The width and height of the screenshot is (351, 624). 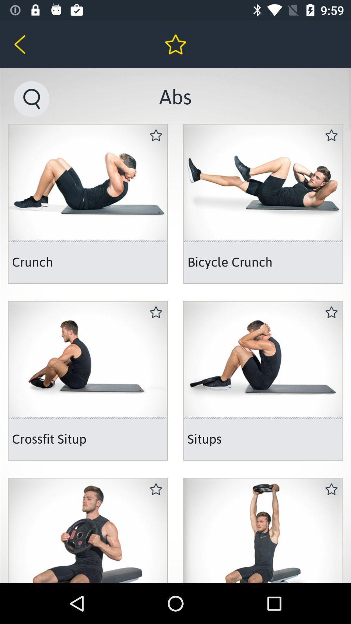 What do you see at coordinates (32, 98) in the screenshot?
I see `the search icon` at bounding box center [32, 98].